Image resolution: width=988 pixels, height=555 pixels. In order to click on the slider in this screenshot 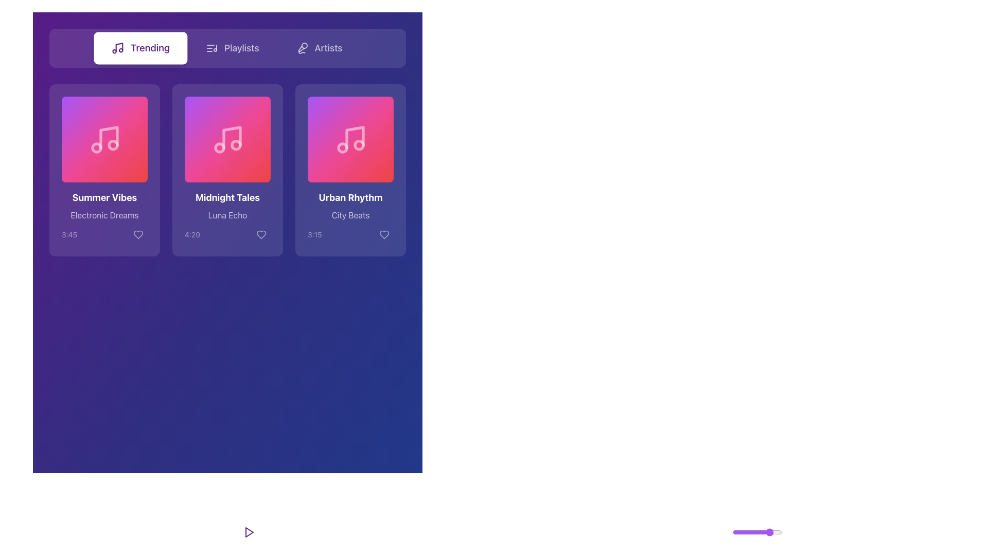, I will do `click(737, 532)`.